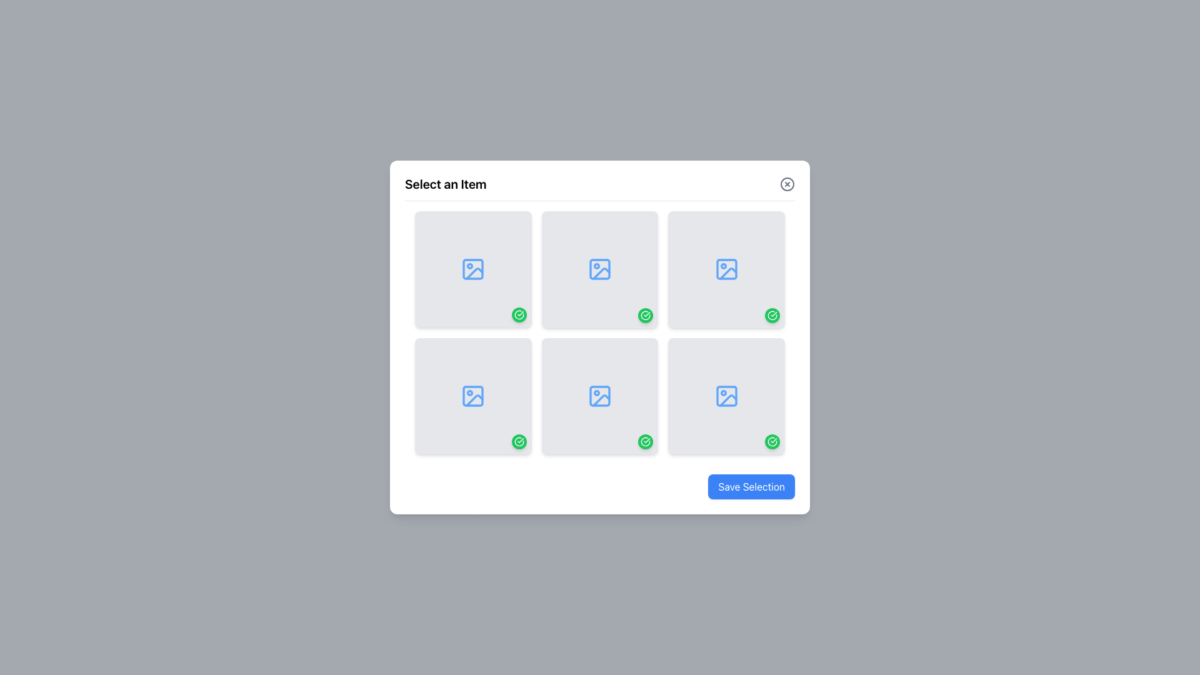  What do you see at coordinates (726, 396) in the screenshot?
I see `the sixth SelectableGridItem in the 3x2 grid layout, which features a light gray background, a centered blue picture icon, and a green checkmark badge in the bottom-right corner` at bounding box center [726, 396].